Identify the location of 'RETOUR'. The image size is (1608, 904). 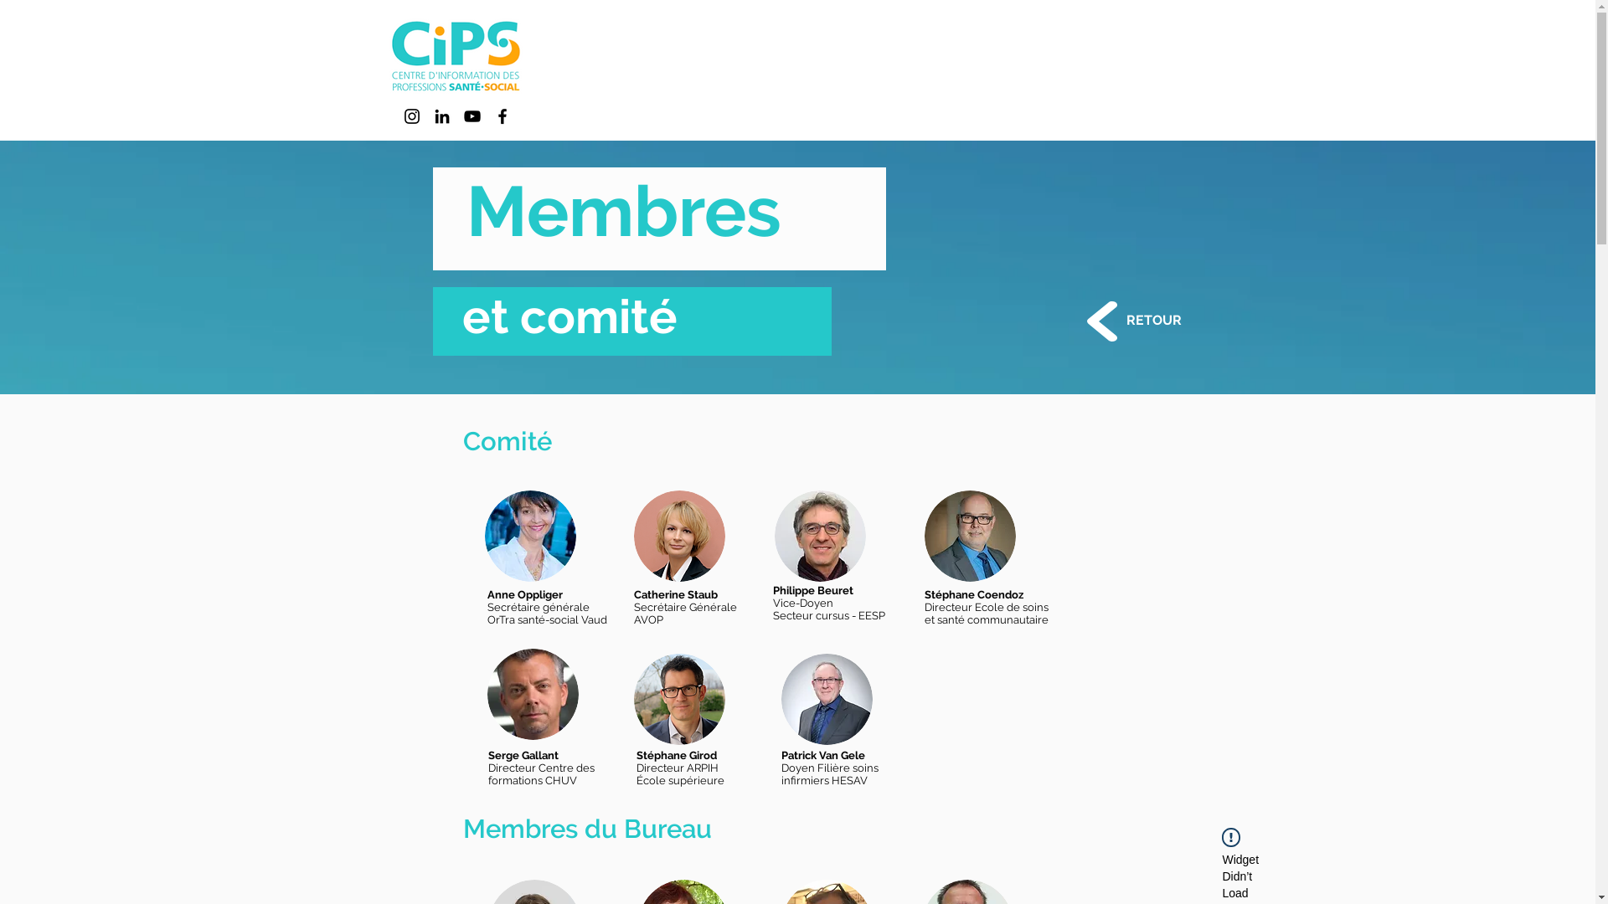
(1152, 320).